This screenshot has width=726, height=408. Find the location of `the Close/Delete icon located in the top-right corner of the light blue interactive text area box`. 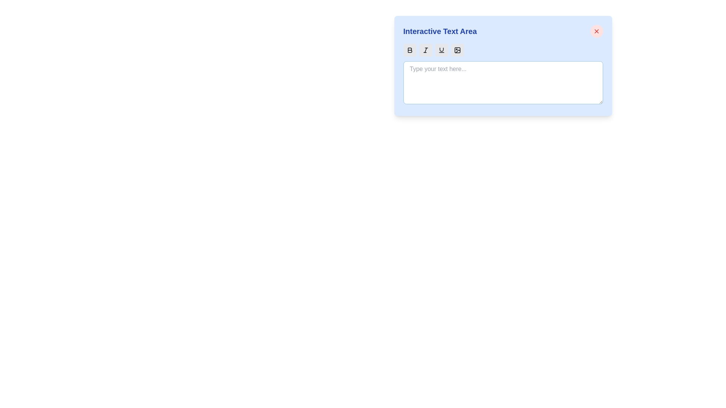

the Close/Delete icon located in the top-right corner of the light blue interactive text area box is located at coordinates (596, 31).